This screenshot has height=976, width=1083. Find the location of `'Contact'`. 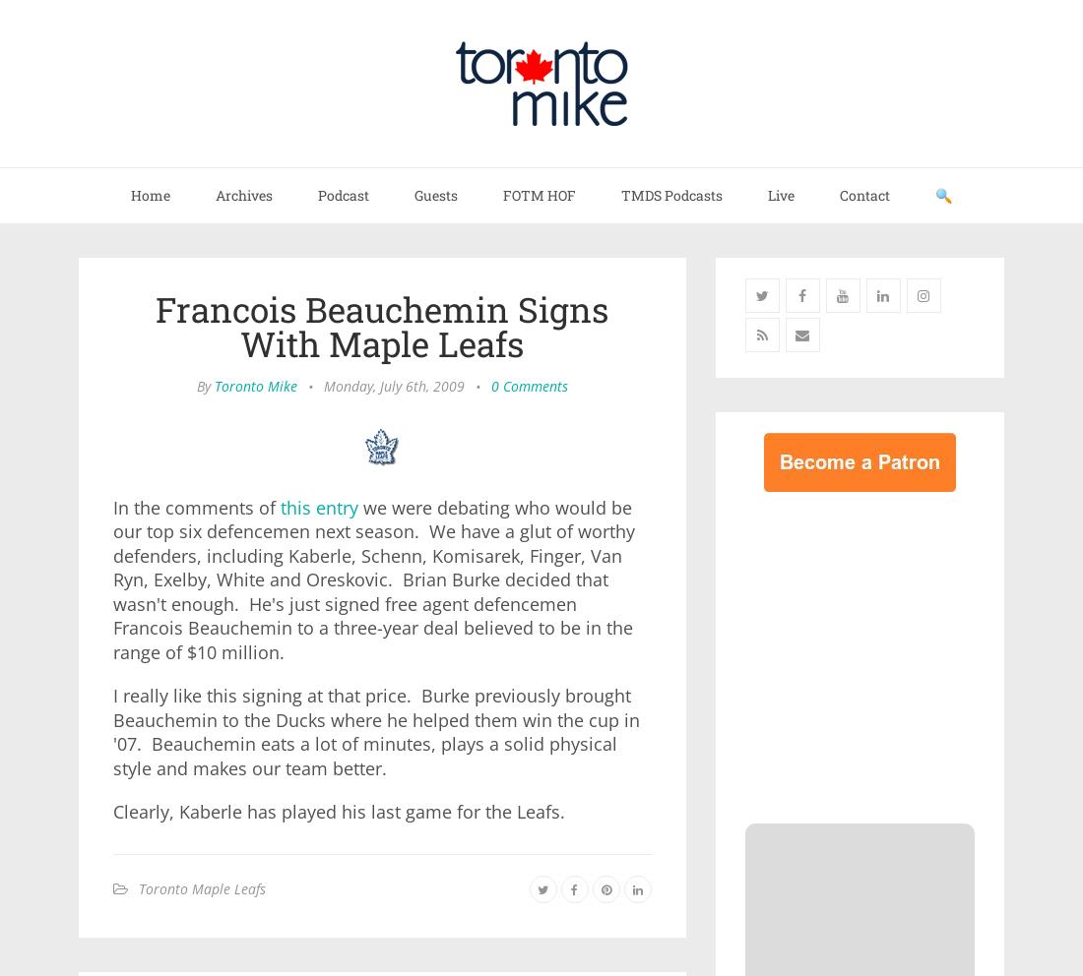

'Contact' is located at coordinates (863, 194).